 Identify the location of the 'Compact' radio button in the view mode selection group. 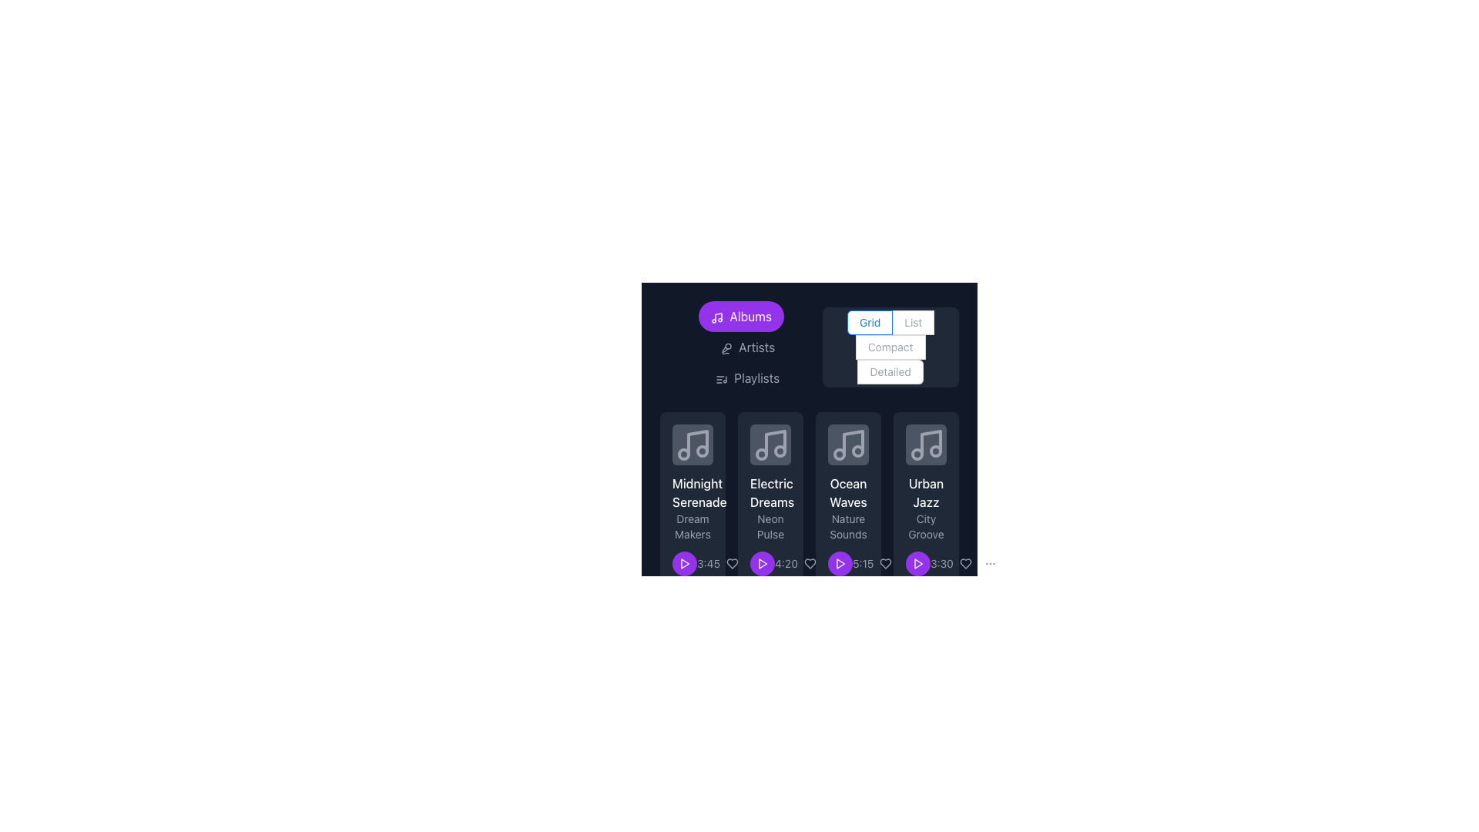
(890, 347).